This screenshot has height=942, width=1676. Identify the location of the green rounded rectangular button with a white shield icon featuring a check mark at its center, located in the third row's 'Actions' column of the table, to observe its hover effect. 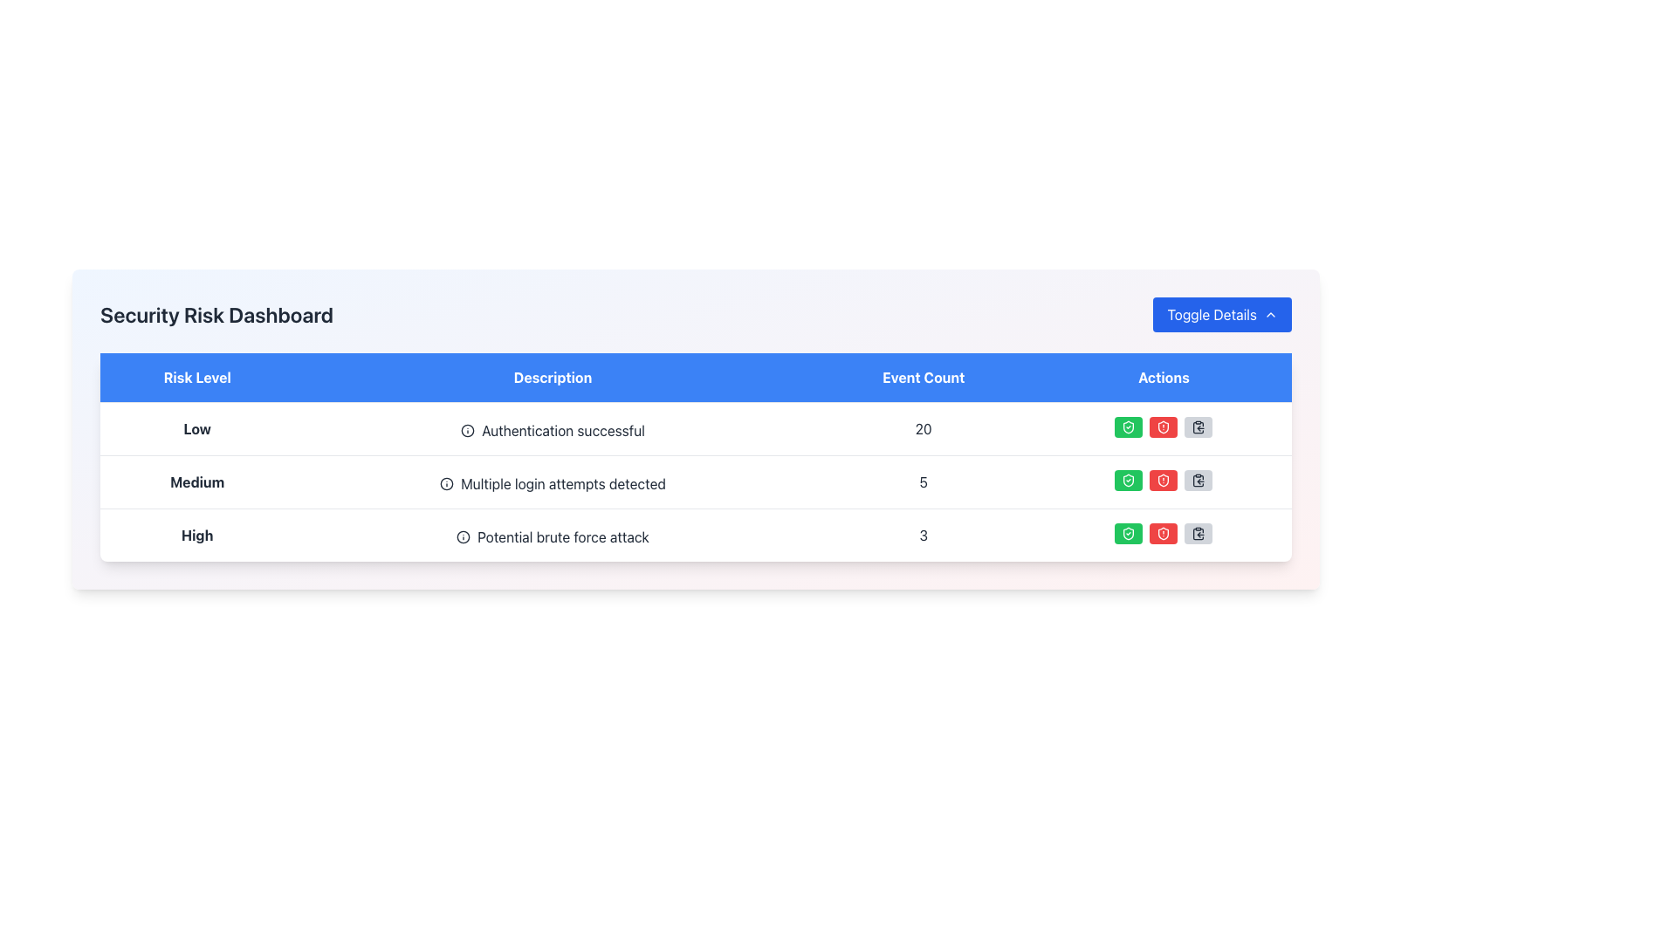
(1129, 533).